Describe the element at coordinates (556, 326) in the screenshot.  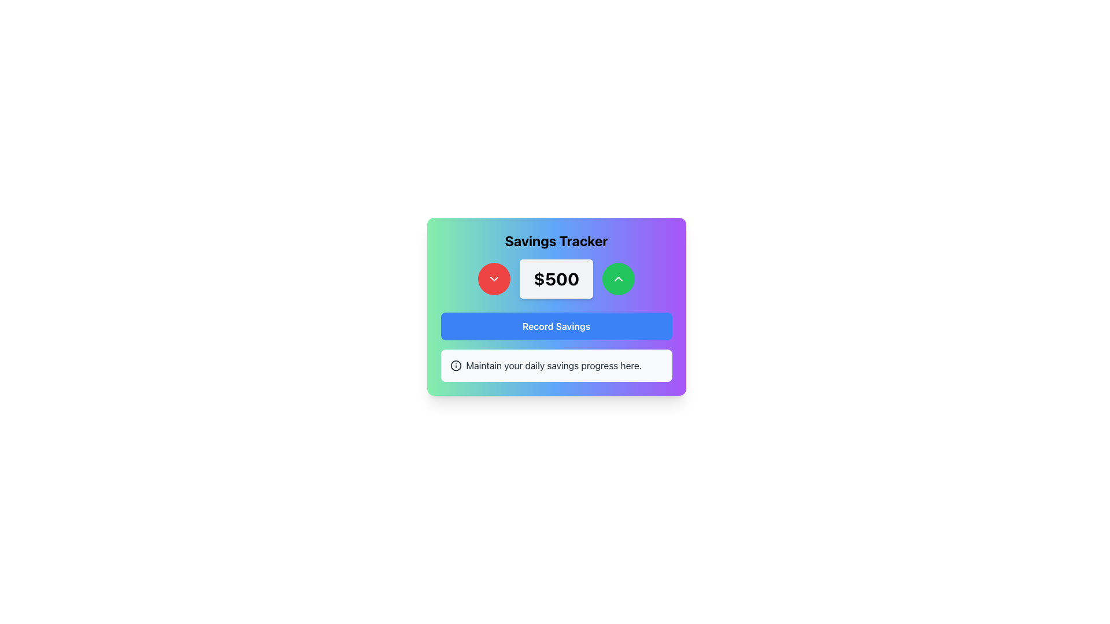
I see `the blue rectangular button labeled 'Record Savings'` at that location.